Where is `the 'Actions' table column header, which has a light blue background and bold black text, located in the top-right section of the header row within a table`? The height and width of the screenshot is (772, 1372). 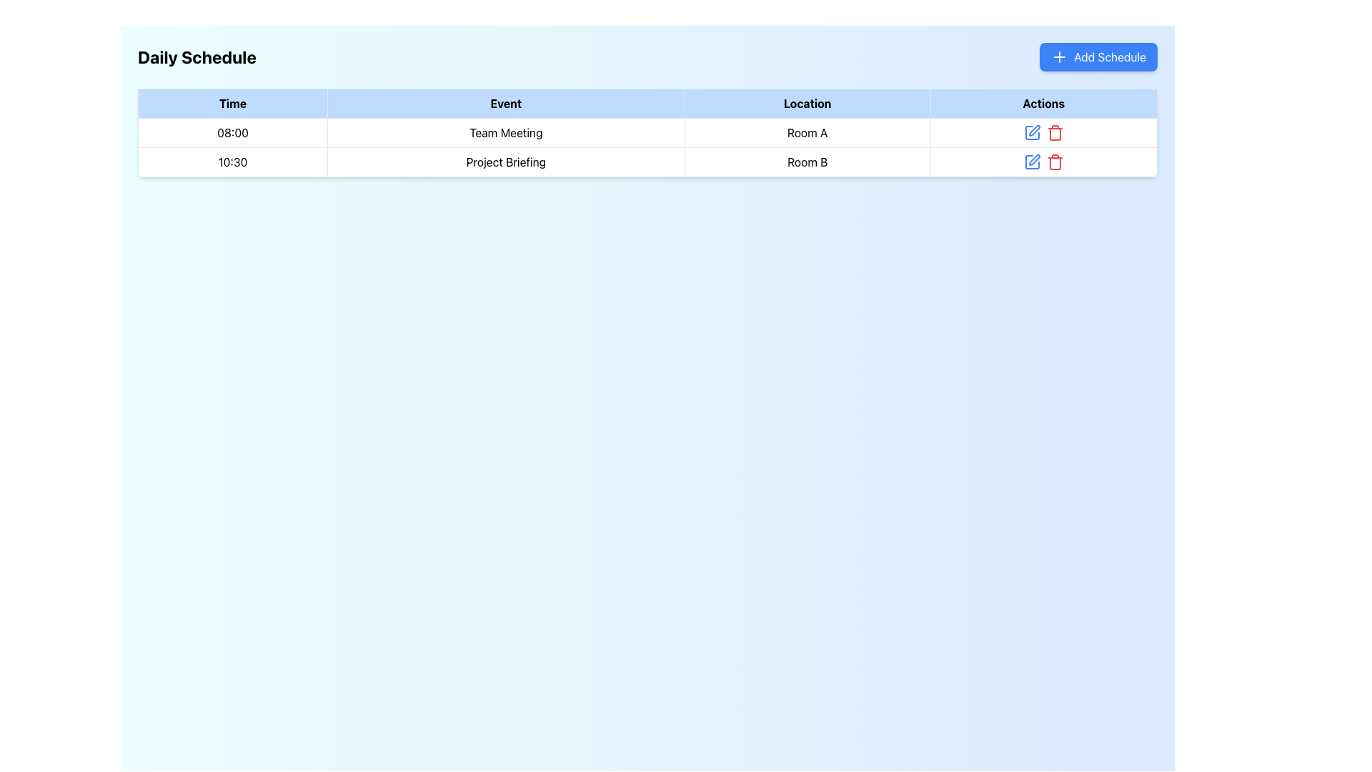
the 'Actions' table column header, which has a light blue background and bold black text, located in the top-right section of the header row within a table is located at coordinates (1043, 103).